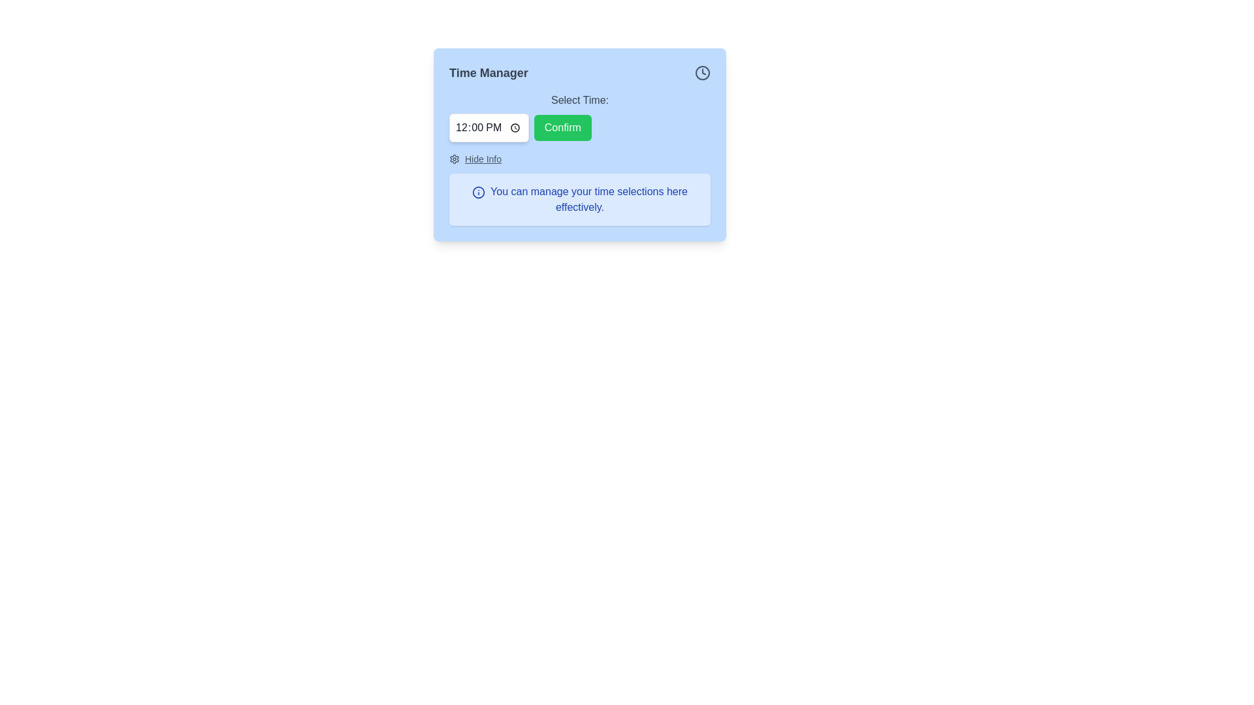 The width and height of the screenshot is (1254, 705). What do you see at coordinates (562, 128) in the screenshot?
I see `the confirm button located within the light-blue 'Time Manager' panel to observe any hover effects` at bounding box center [562, 128].